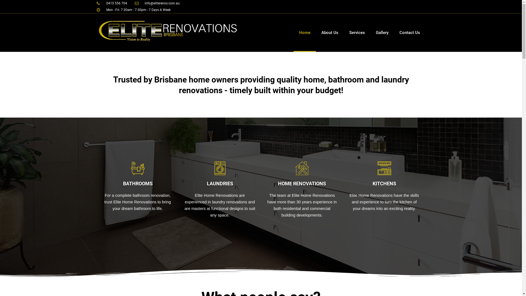 The width and height of the screenshot is (526, 296). I want to click on 'Gallery', so click(382, 33).